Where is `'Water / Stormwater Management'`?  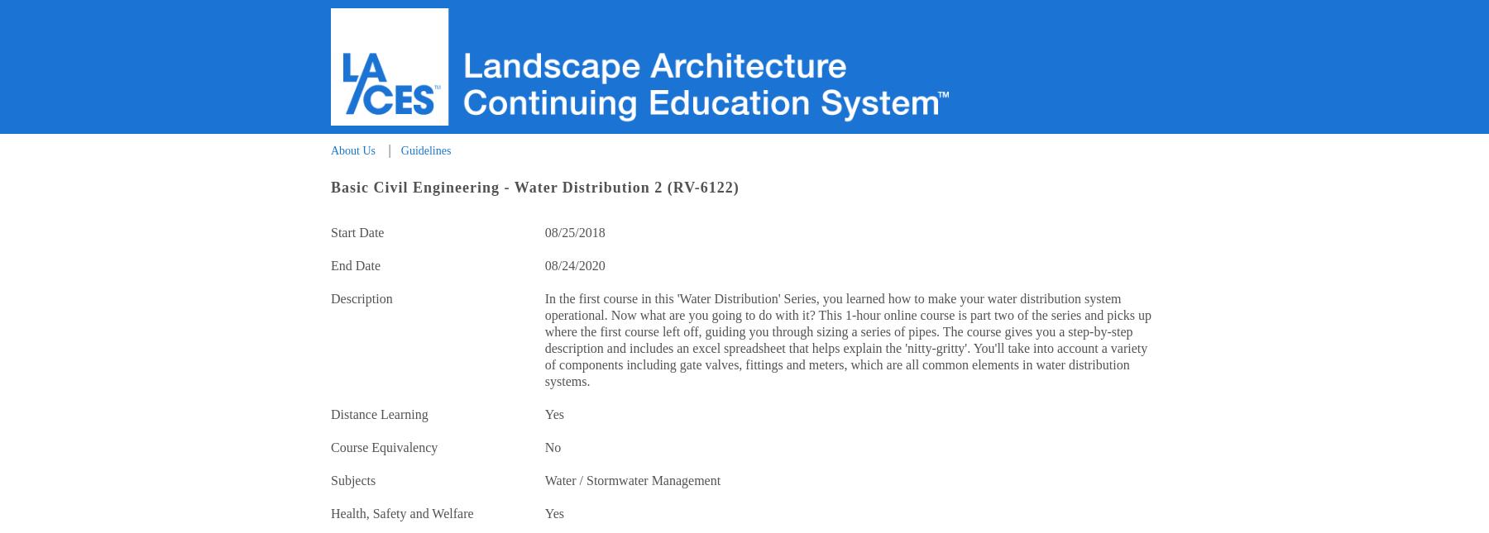 'Water / Stormwater Management' is located at coordinates (631, 480).